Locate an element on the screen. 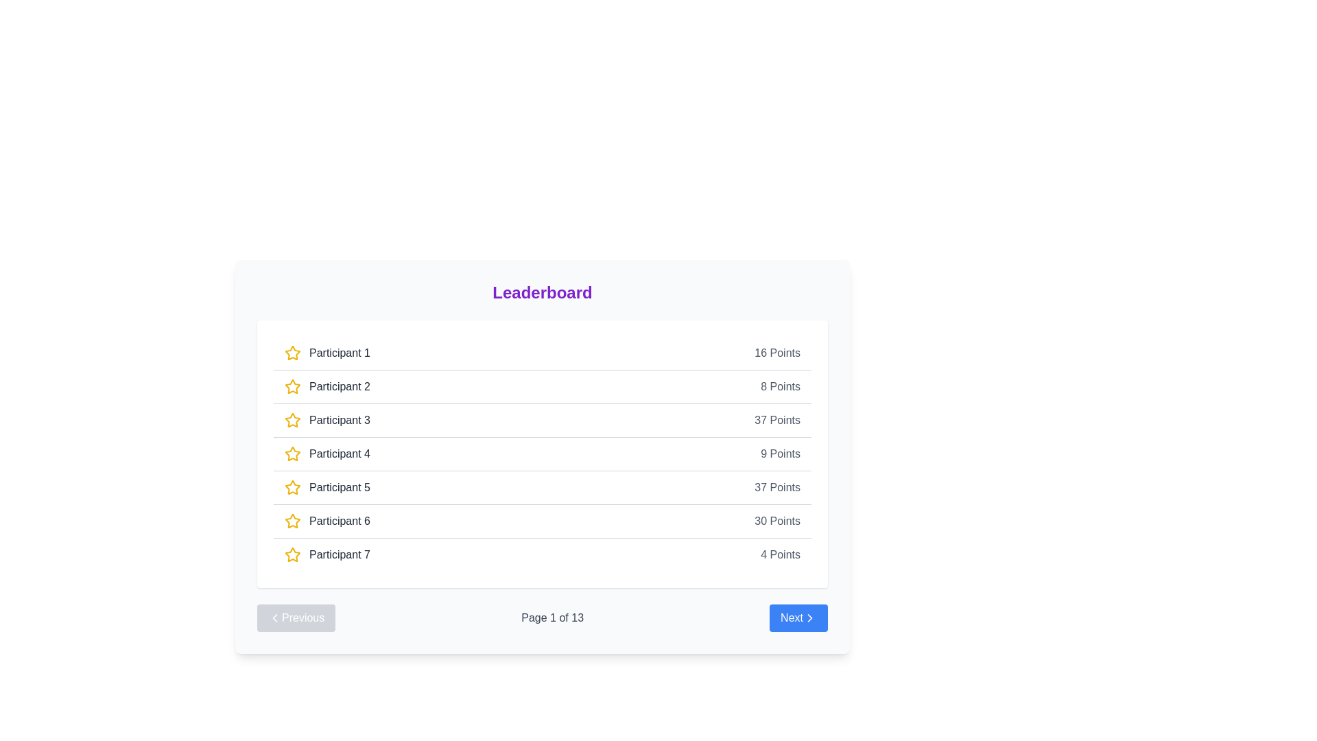 The height and width of the screenshot is (741, 1317). text from the Label element displaying 'Participant 3', which is located in the third entry of the Leaderboard list is located at coordinates (340, 420).